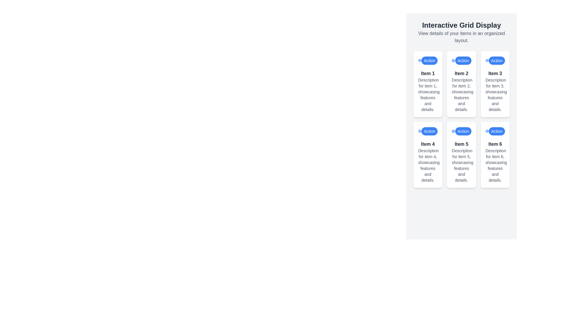 The height and width of the screenshot is (318, 565). What do you see at coordinates (461, 25) in the screenshot?
I see `the heading 'Interactive Grid Display', which is styled with bold and large font and is dark gray, positioned at the top of the interface` at bounding box center [461, 25].